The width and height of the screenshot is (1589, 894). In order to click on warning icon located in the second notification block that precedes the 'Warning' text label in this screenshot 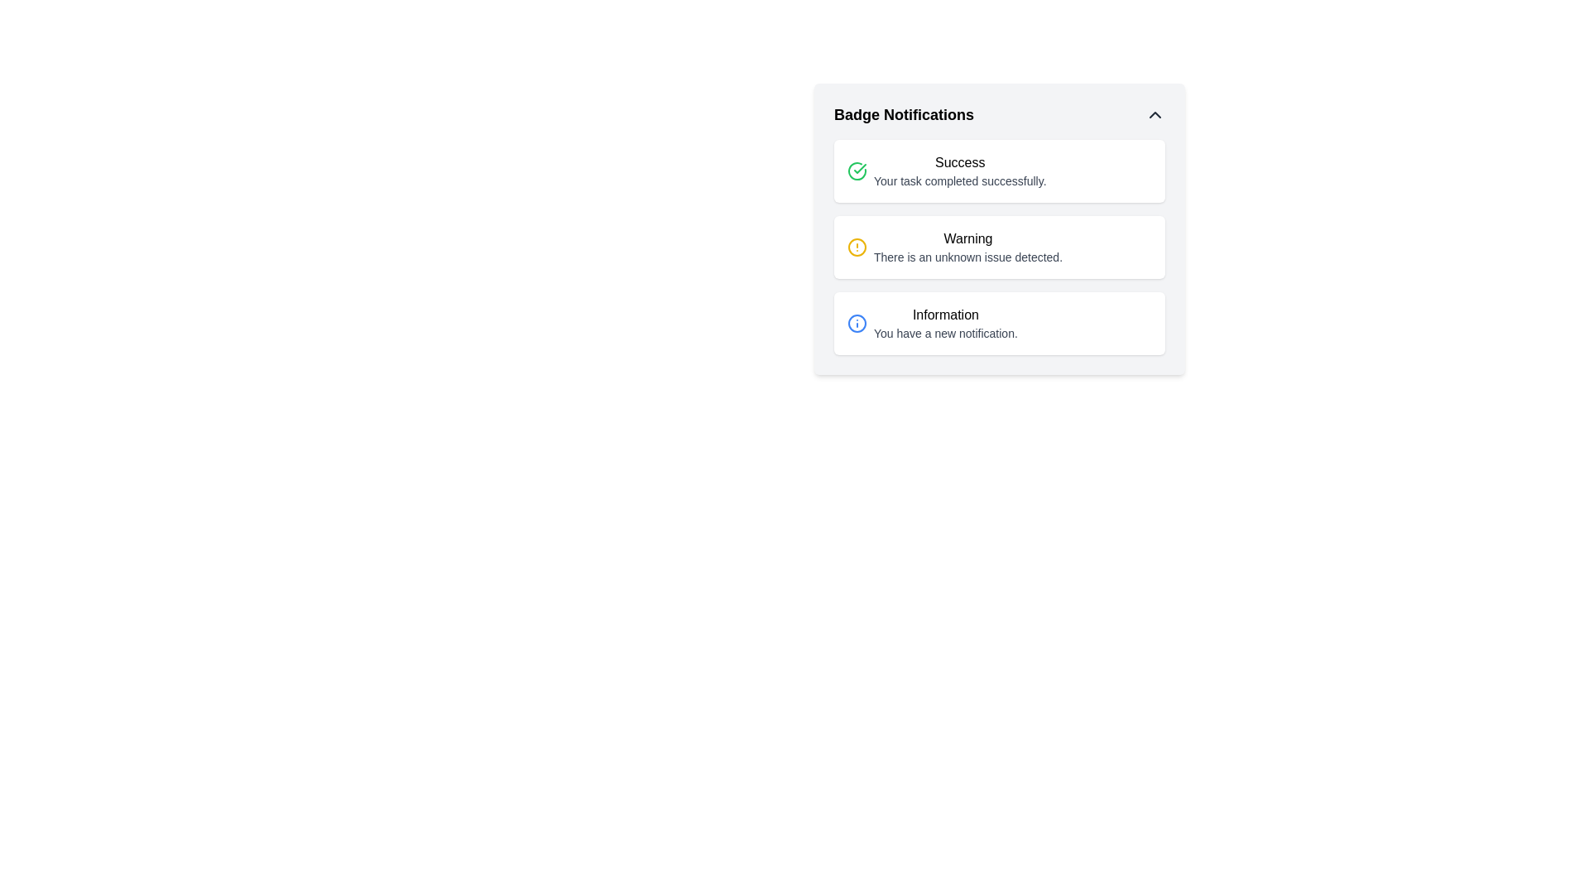, I will do `click(857, 248)`.